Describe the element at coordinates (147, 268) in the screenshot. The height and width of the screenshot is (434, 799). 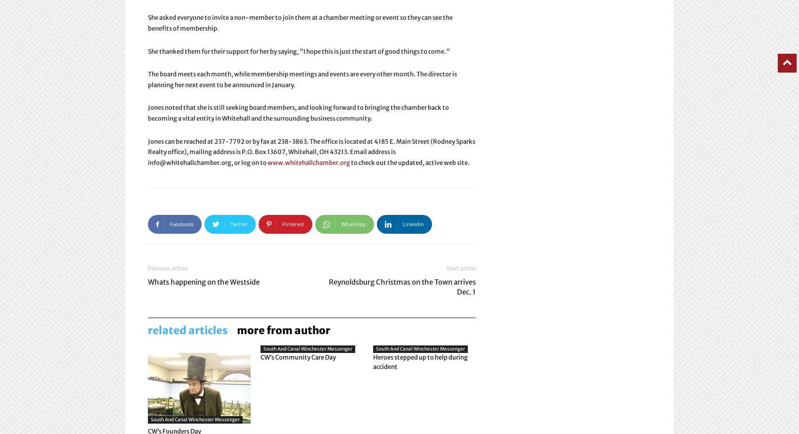
I see `'Previous article'` at that location.